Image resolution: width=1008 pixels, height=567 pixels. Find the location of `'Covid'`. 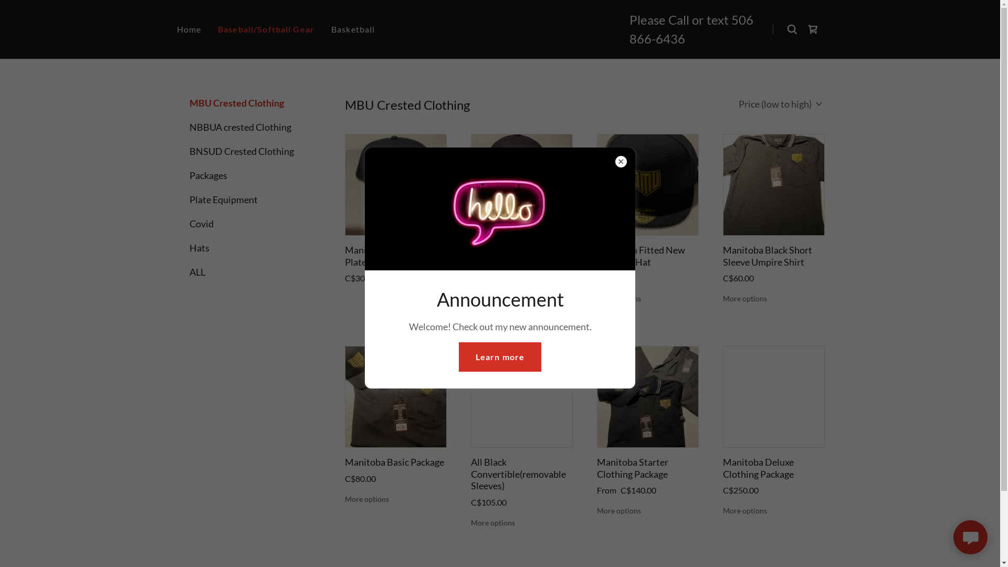

'Covid' is located at coordinates (247, 223).